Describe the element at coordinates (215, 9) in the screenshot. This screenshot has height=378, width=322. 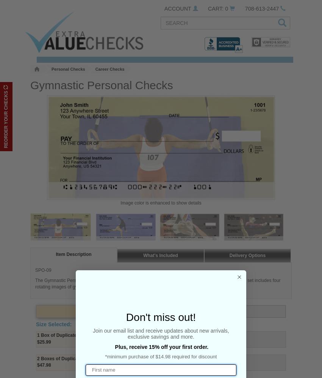
I see `'CART:'` at that location.